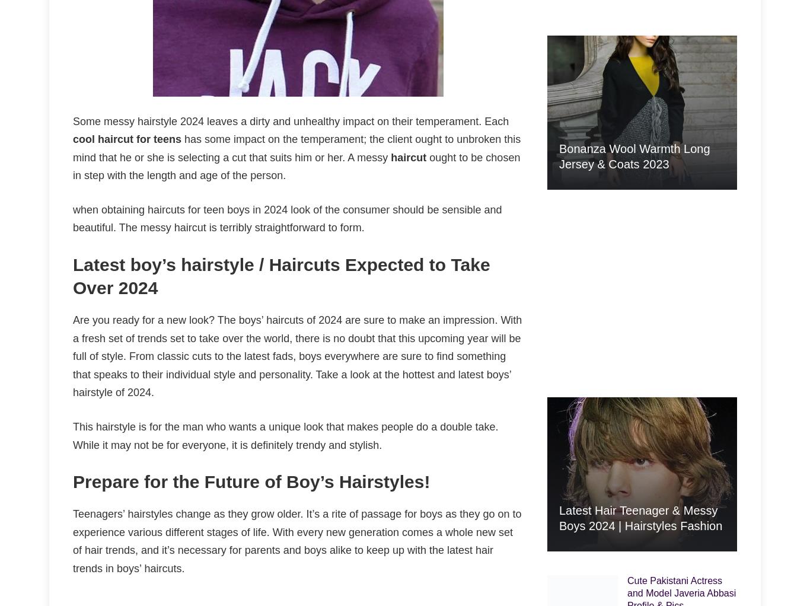 This screenshot has width=810, height=606. What do you see at coordinates (297, 540) in the screenshot?
I see `'Teenagers’ hairstyles change as they grow older. It’s a rite of passage for boys as they go on to experience various different stages of life. With every new generation comes a whole new set of hair trends, and it’s necessary for parents and boys alike to keep up with the latest hair trends in boys’ haircuts.'` at bounding box center [297, 540].